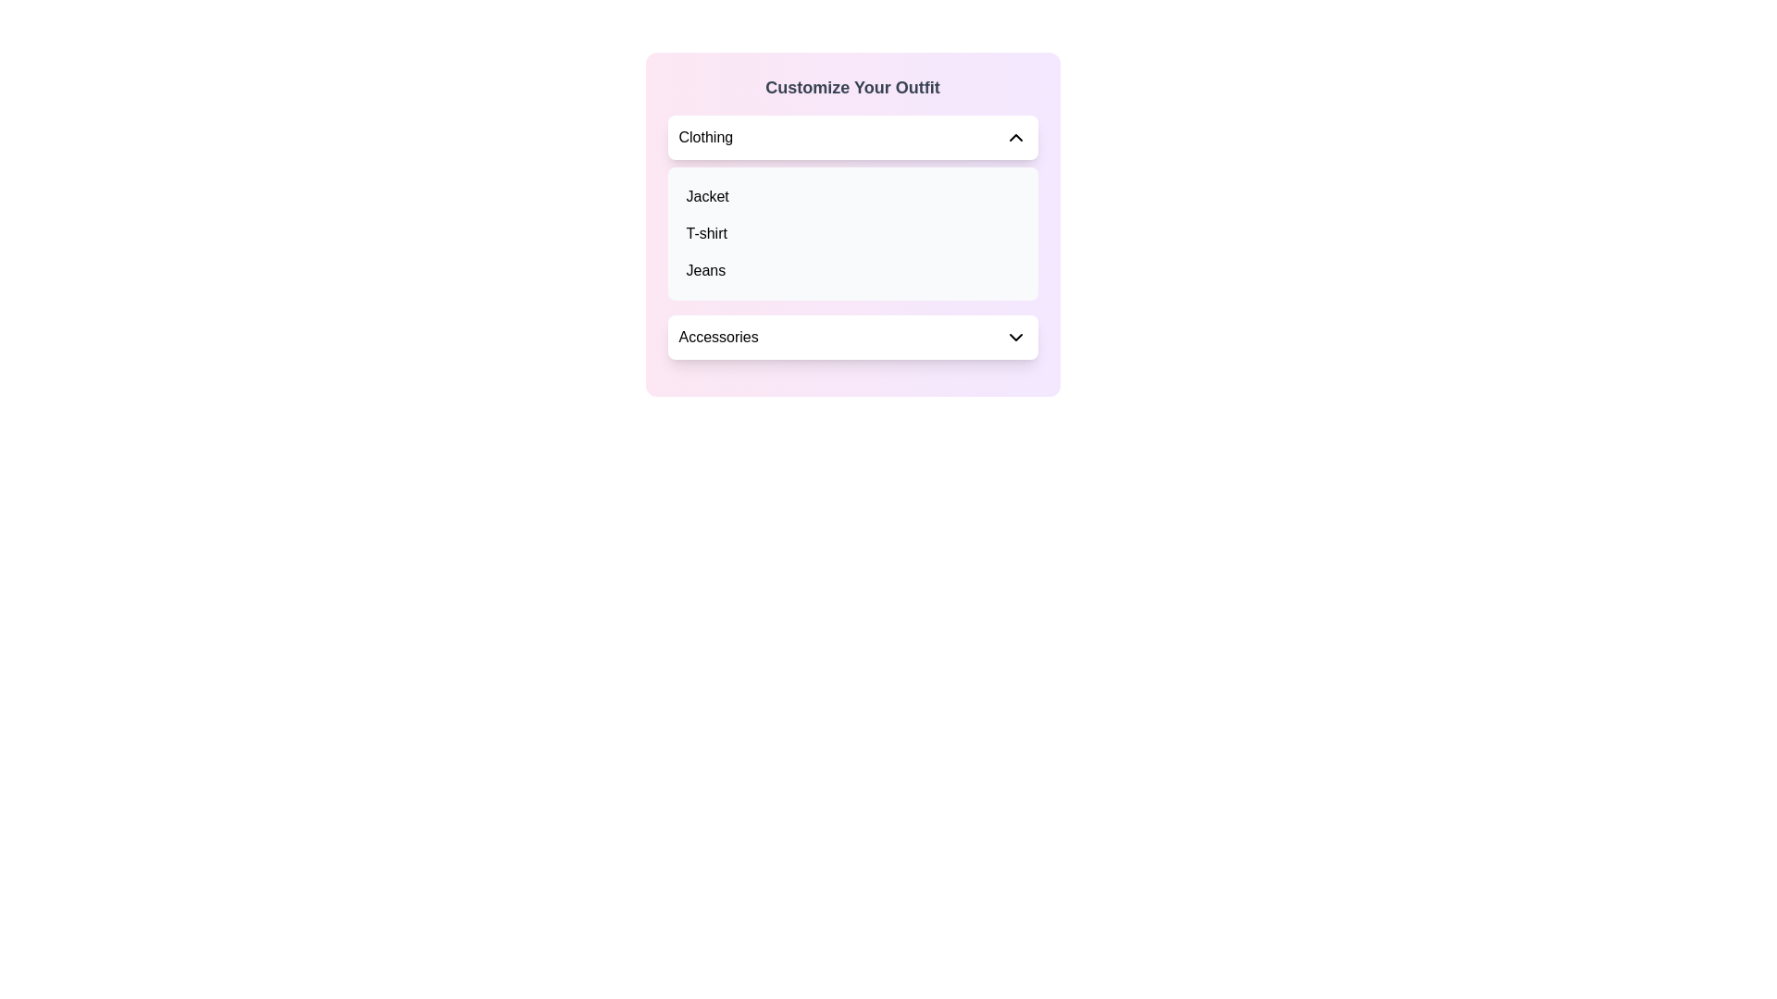 This screenshot has height=999, width=1777. What do you see at coordinates (704, 137) in the screenshot?
I see `text label displaying 'Clothing' in a black font within a white background, located in the dropdown selection interface` at bounding box center [704, 137].